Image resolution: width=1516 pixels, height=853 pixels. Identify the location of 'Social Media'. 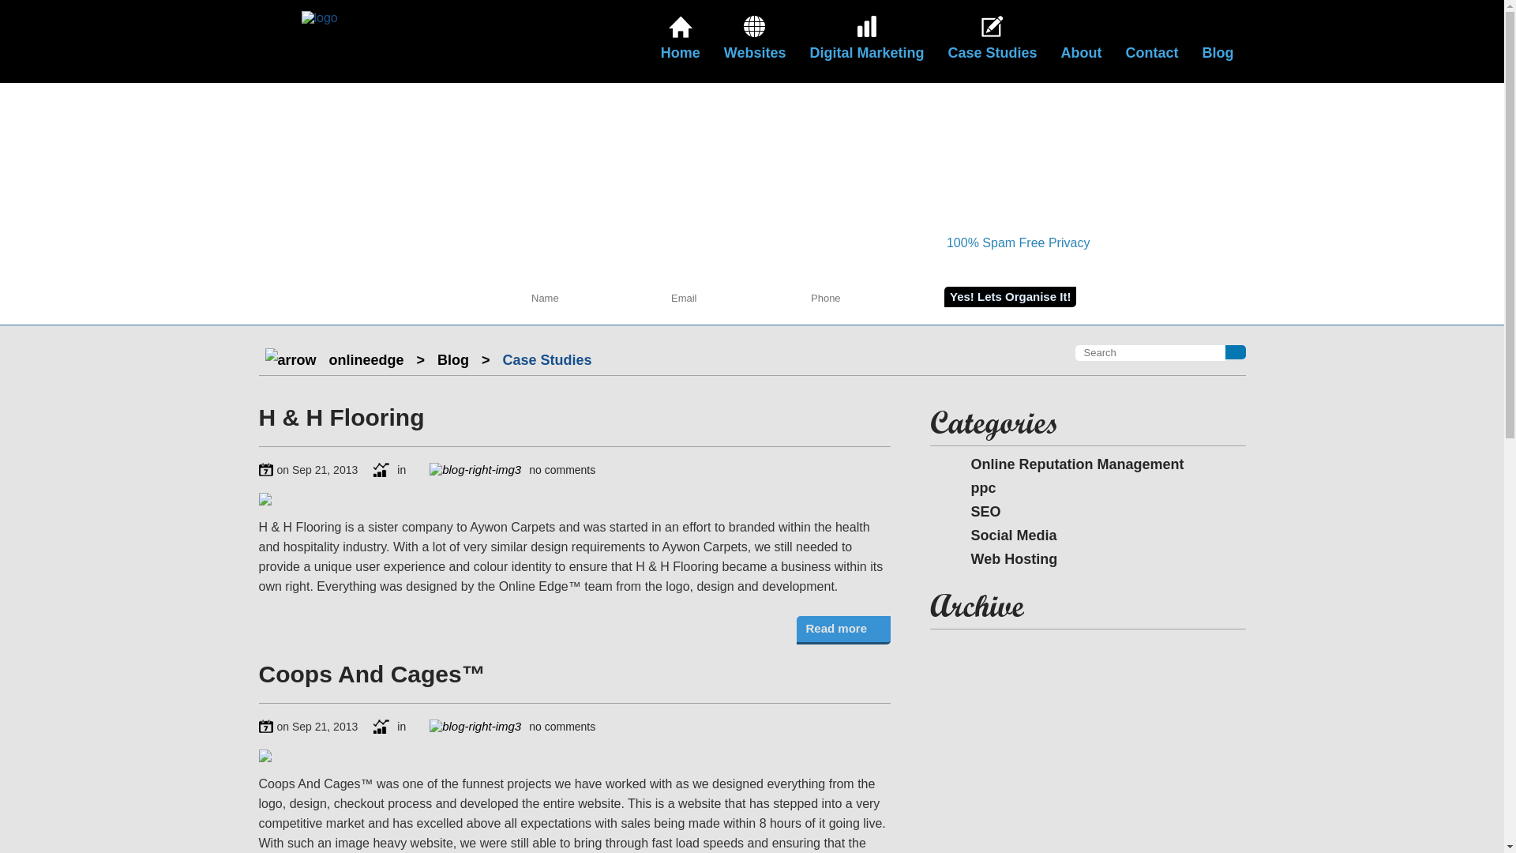
(1000, 535).